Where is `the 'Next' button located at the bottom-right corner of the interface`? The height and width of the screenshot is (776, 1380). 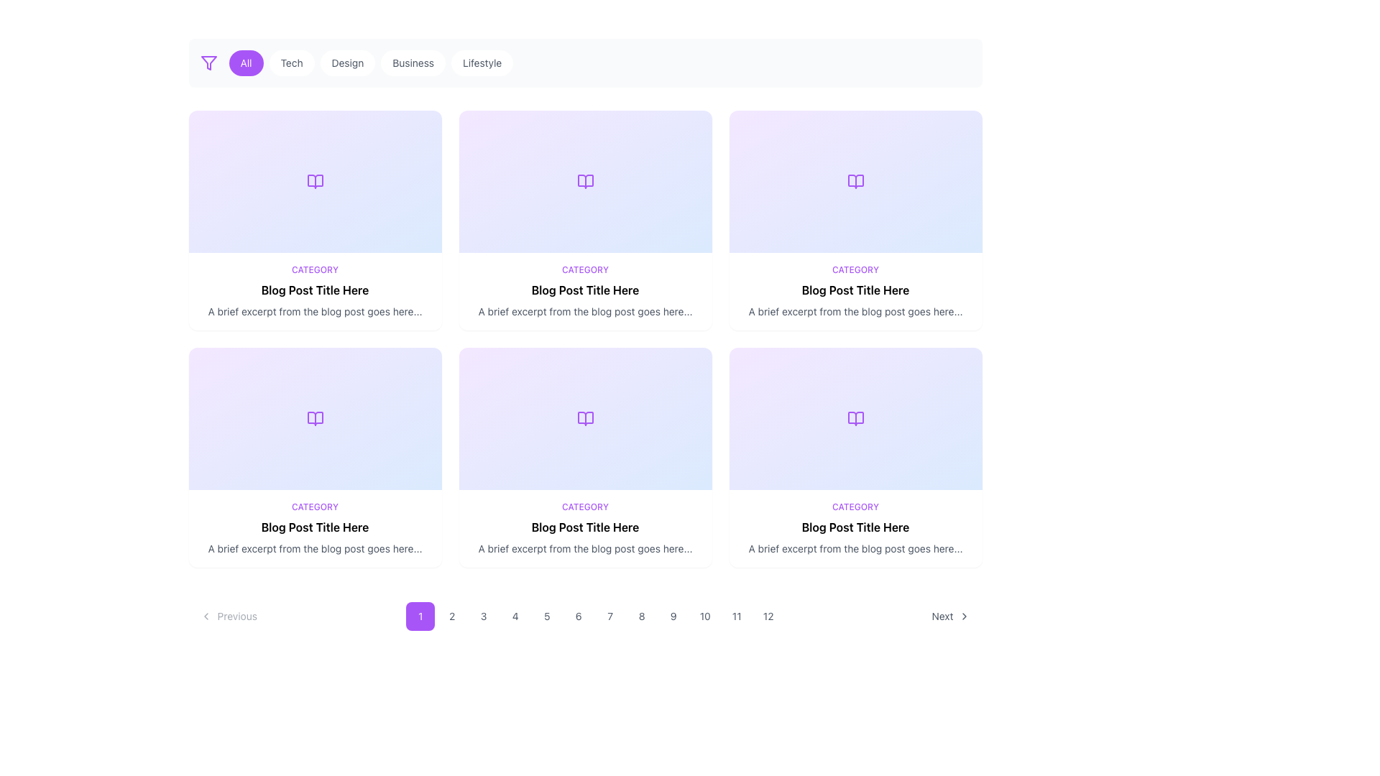
the 'Next' button located at the bottom-right corner of the interface is located at coordinates (951, 615).